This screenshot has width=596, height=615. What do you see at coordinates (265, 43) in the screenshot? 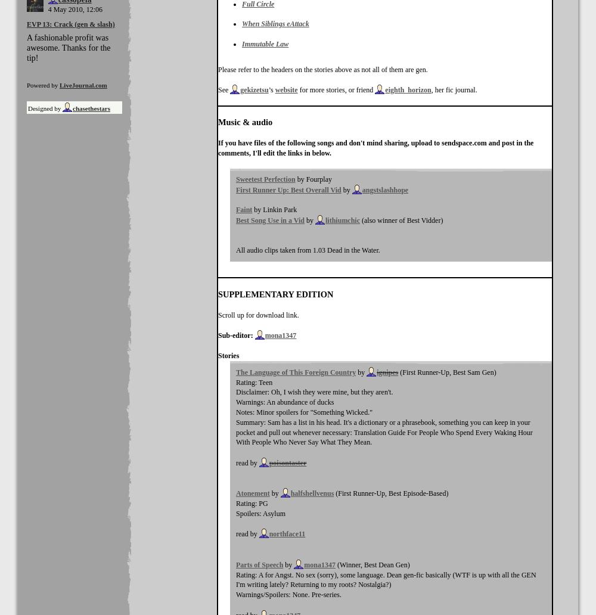
I see `'Immutable Law'` at bounding box center [265, 43].